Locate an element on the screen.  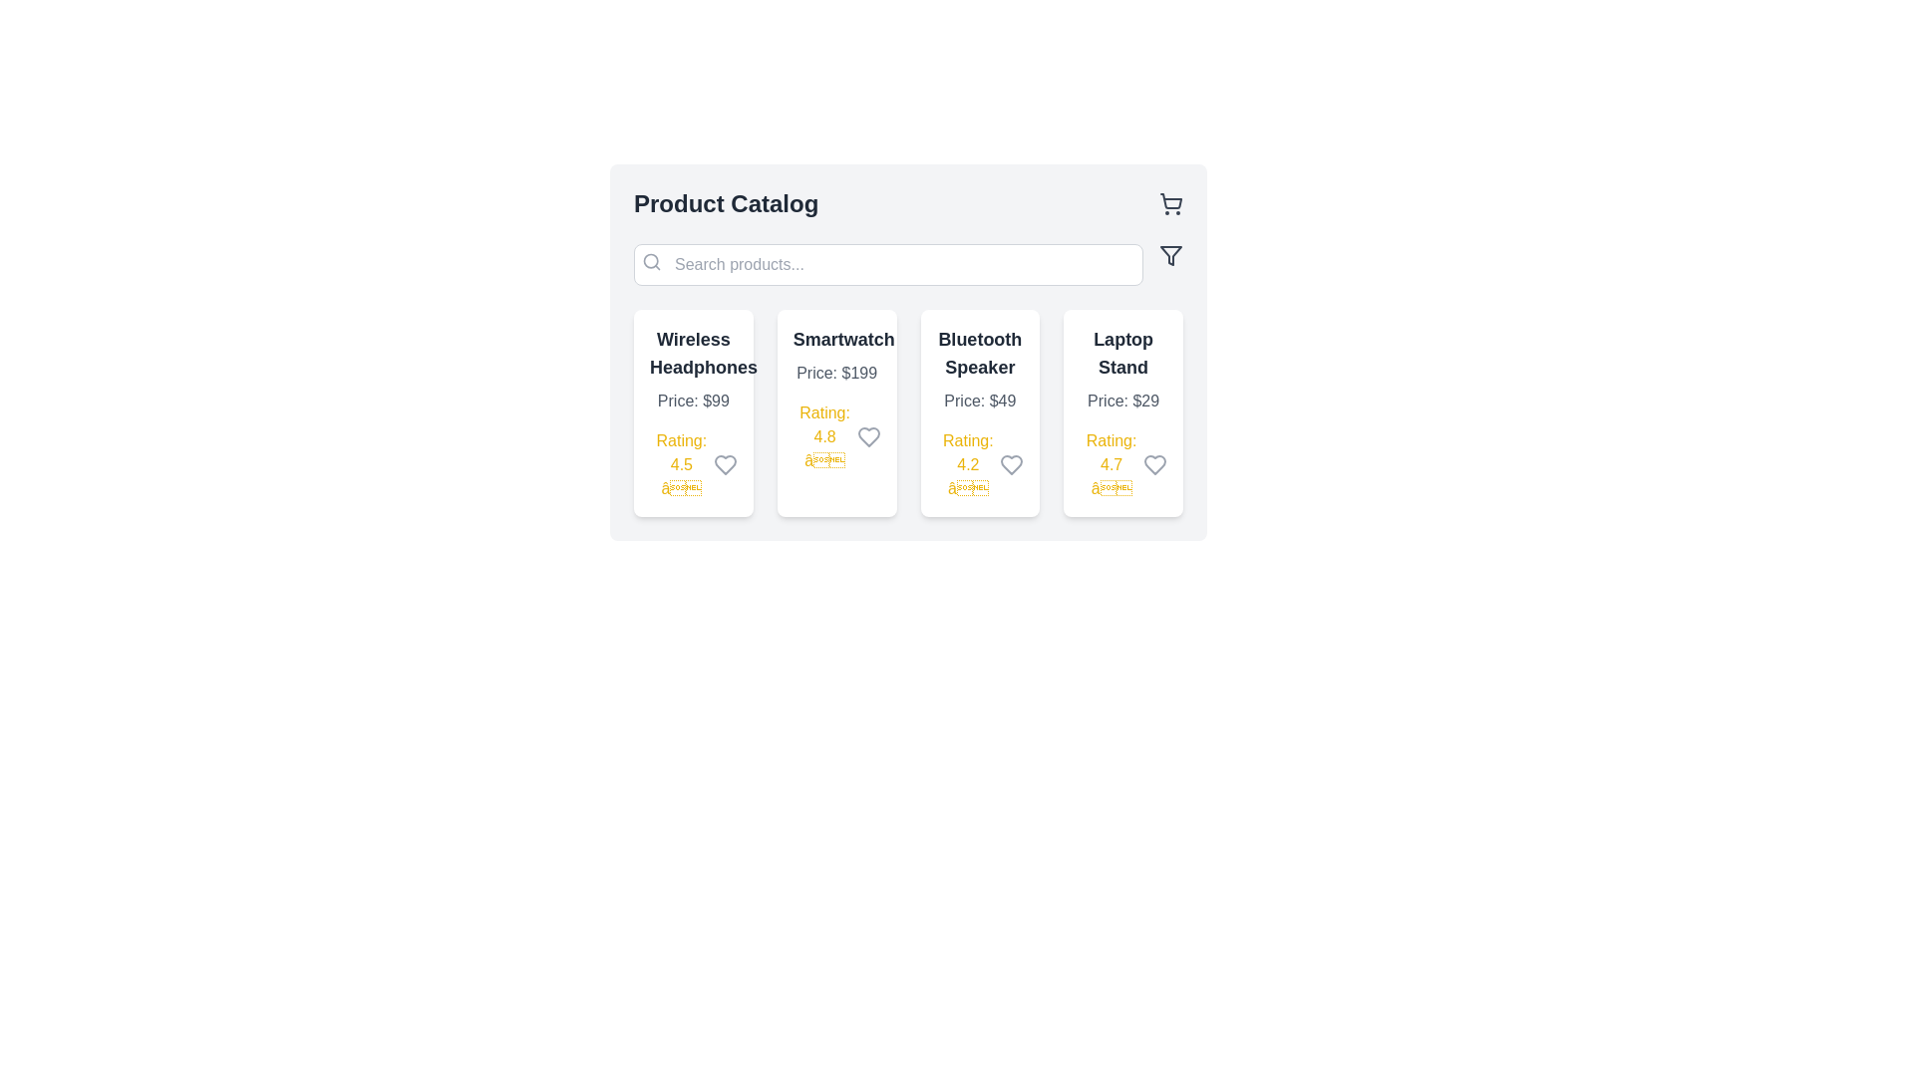
the triangular funnel-shaped filter icon located at the top-right corner of the header section is located at coordinates (1171, 255).